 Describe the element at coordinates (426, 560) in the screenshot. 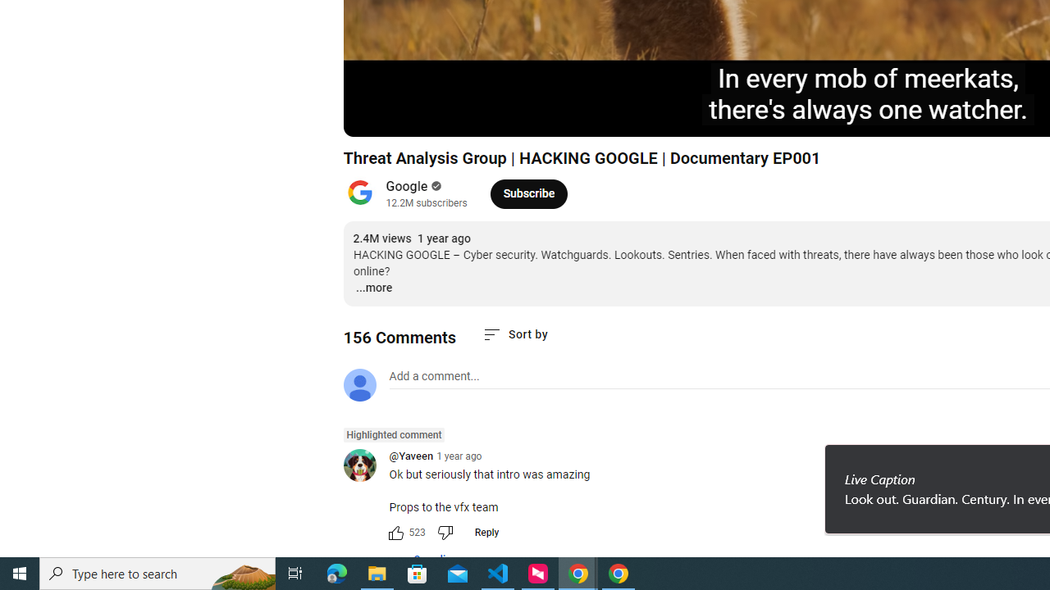

I see `'2 replies'` at that location.